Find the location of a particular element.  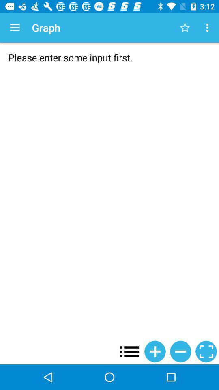

the list icon is located at coordinates (129, 351).